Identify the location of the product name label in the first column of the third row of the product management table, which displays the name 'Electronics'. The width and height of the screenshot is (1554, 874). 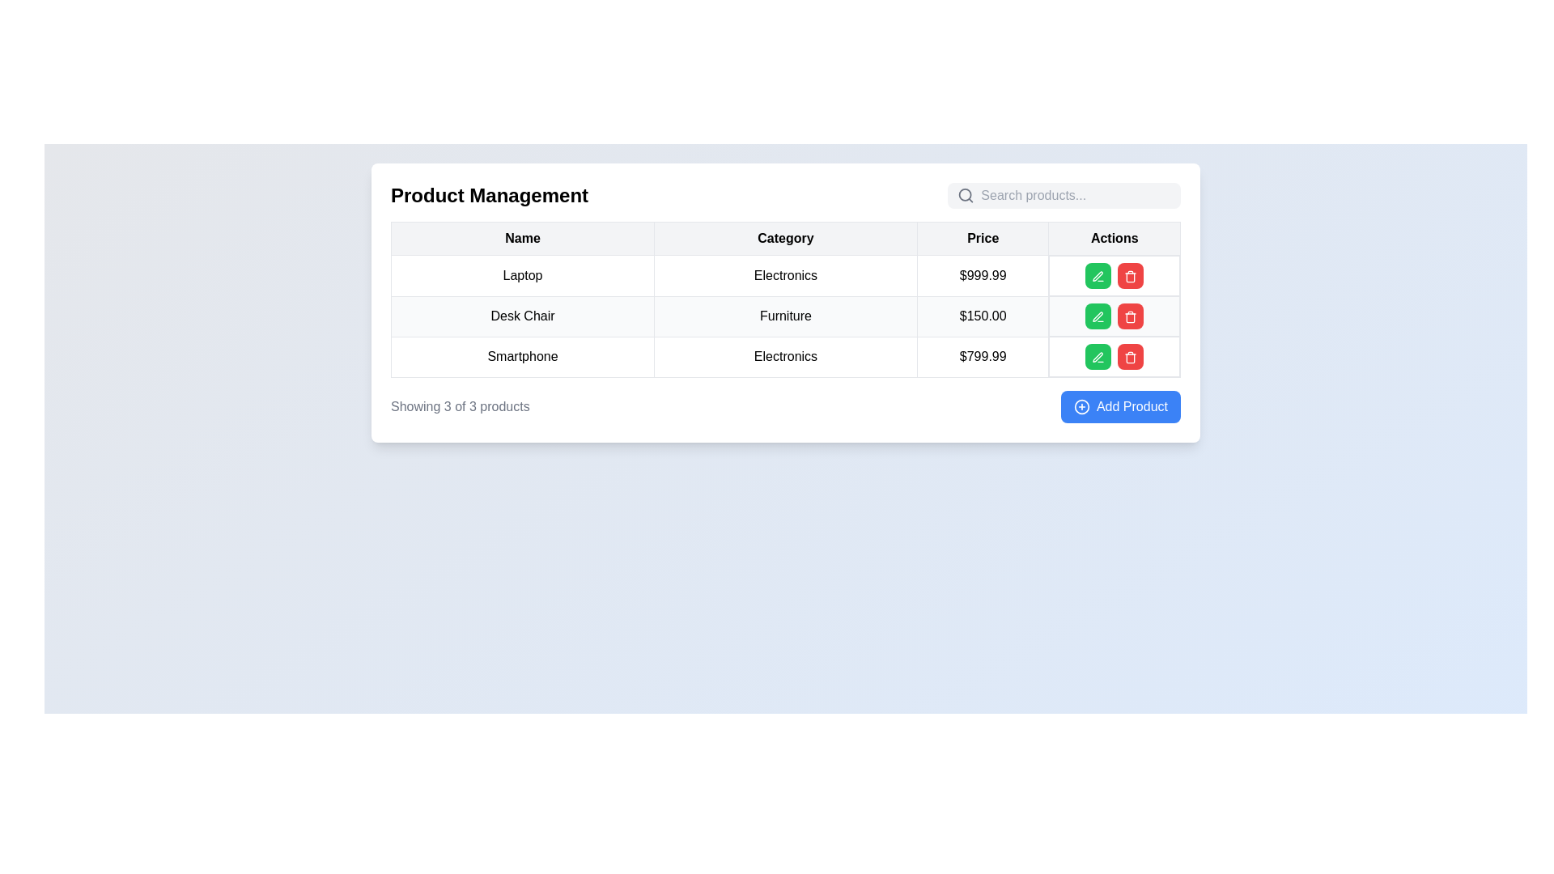
(523, 356).